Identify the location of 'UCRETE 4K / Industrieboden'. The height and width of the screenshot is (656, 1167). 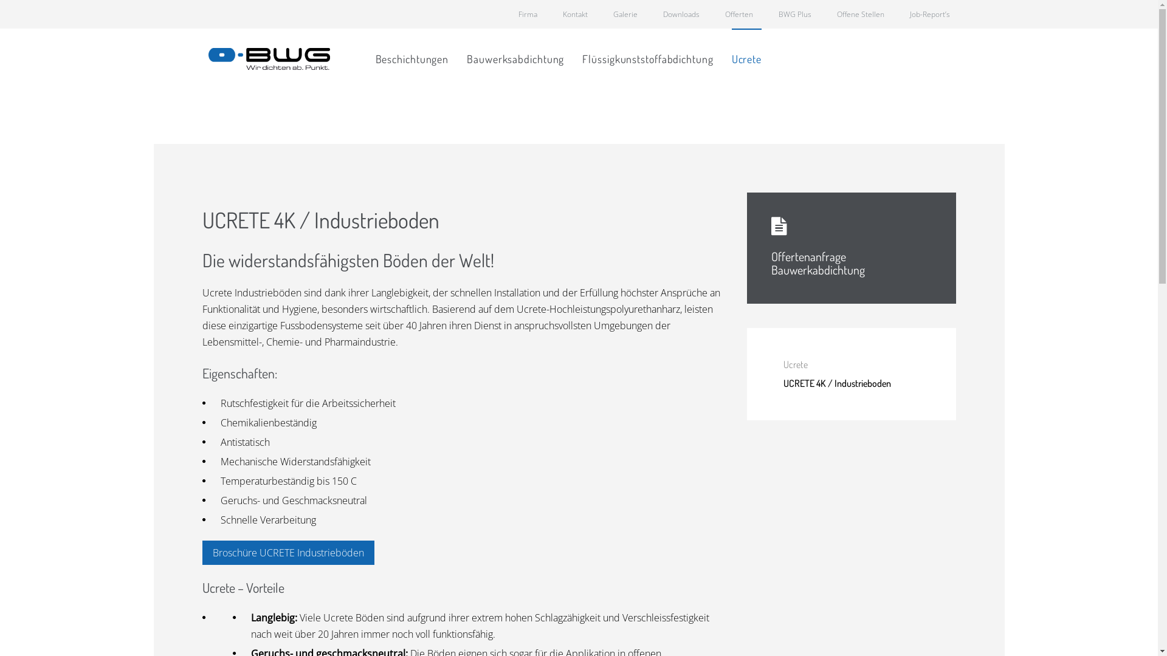
(862, 383).